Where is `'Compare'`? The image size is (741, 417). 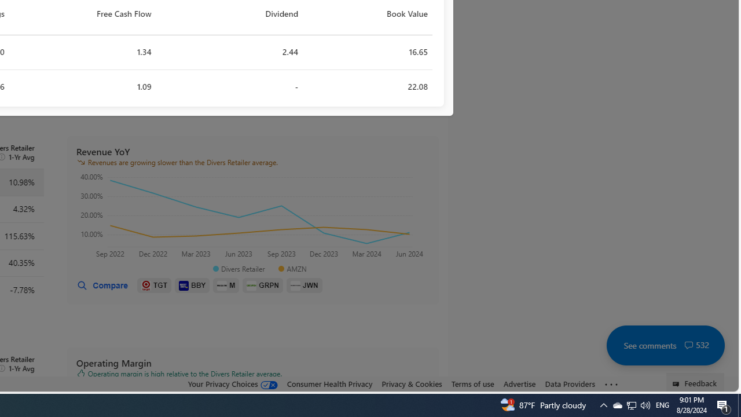
'Compare' is located at coordinates (102, 286).